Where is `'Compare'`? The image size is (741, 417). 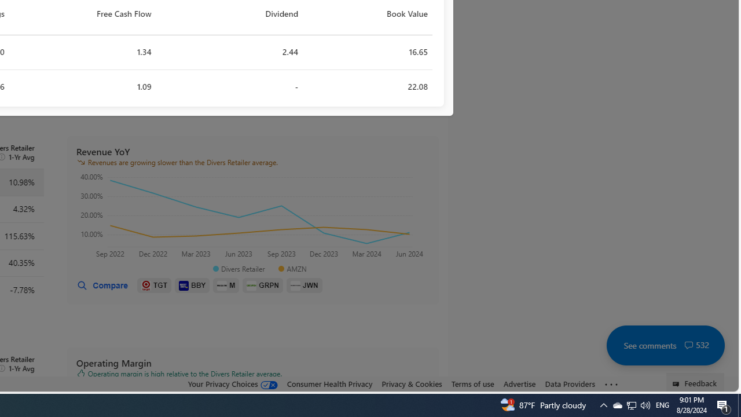
'Compare' is located at coordinates (102, 286).